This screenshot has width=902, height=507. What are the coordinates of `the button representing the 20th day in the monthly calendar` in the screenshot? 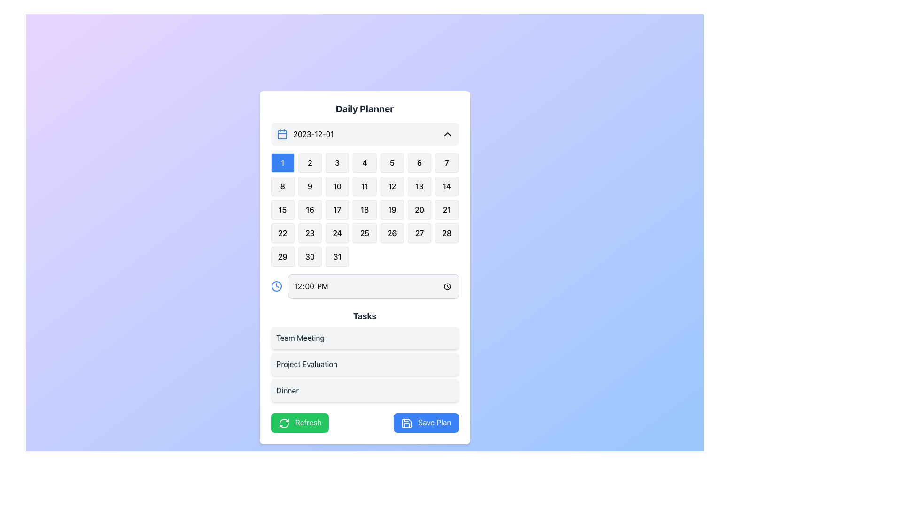 It's located at (419, 209).